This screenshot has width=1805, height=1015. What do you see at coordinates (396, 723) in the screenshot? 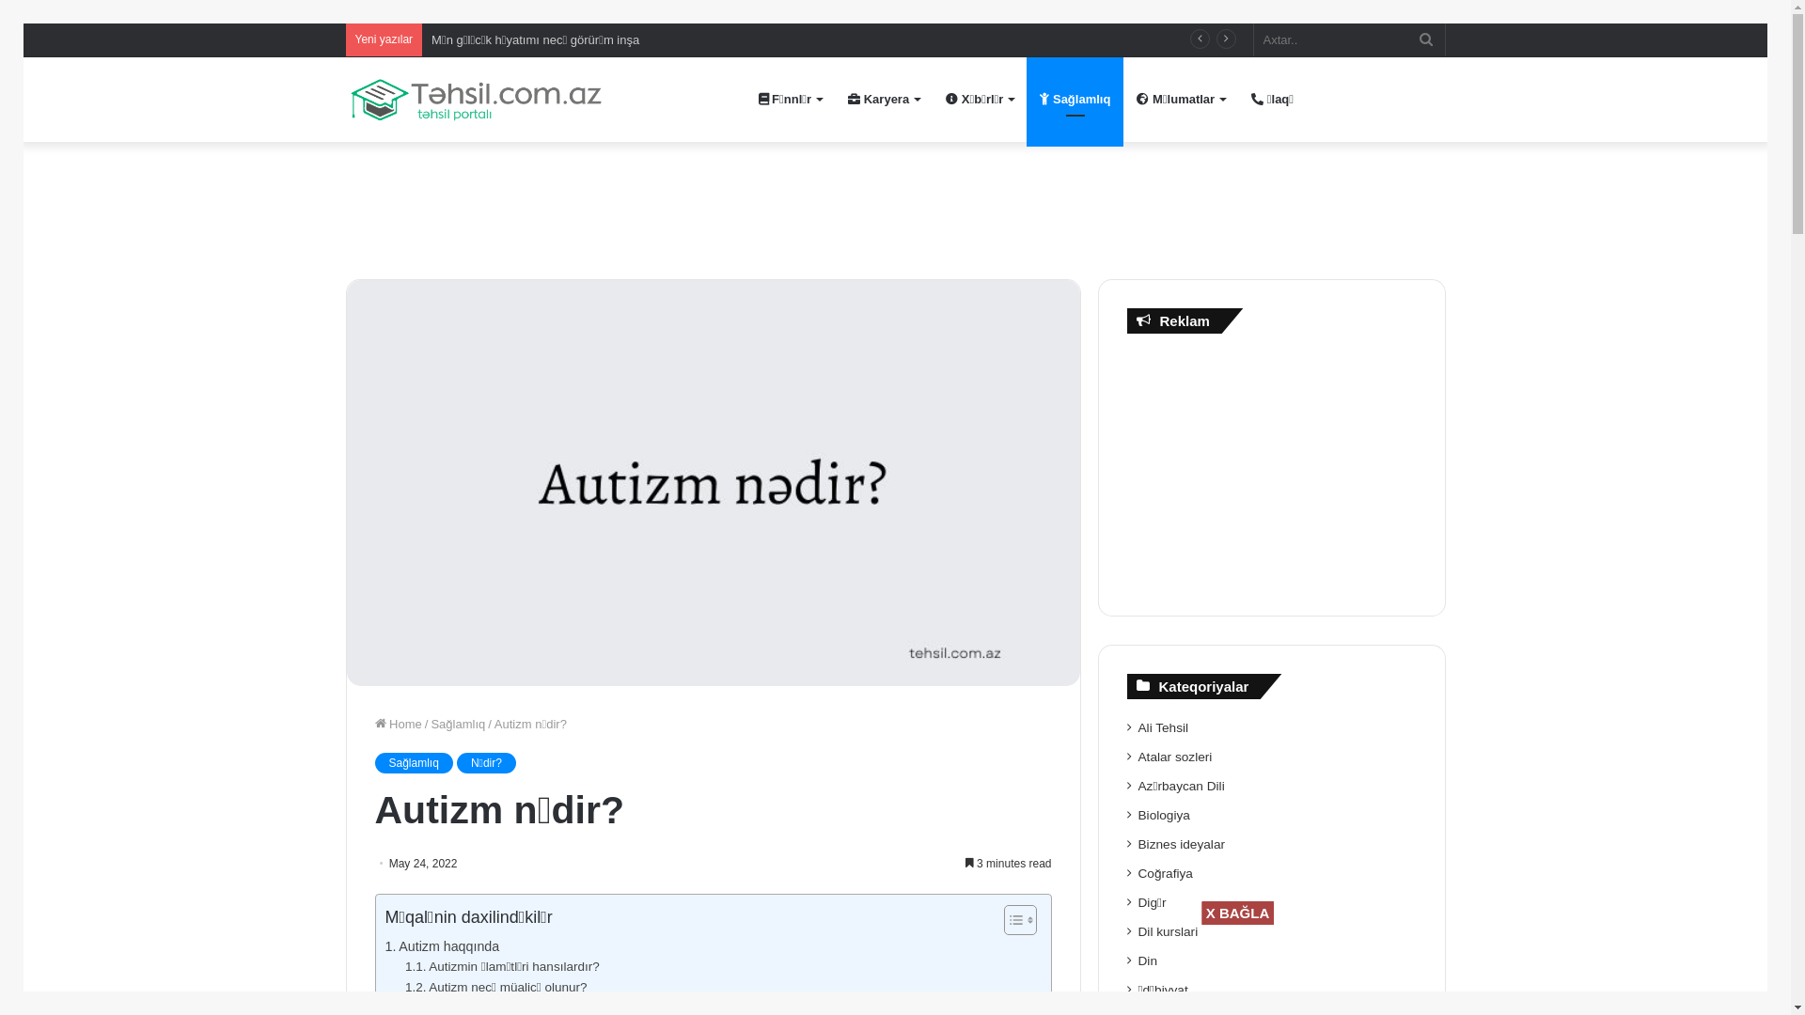
I see `'Home'` at bounding box center [396, 723].